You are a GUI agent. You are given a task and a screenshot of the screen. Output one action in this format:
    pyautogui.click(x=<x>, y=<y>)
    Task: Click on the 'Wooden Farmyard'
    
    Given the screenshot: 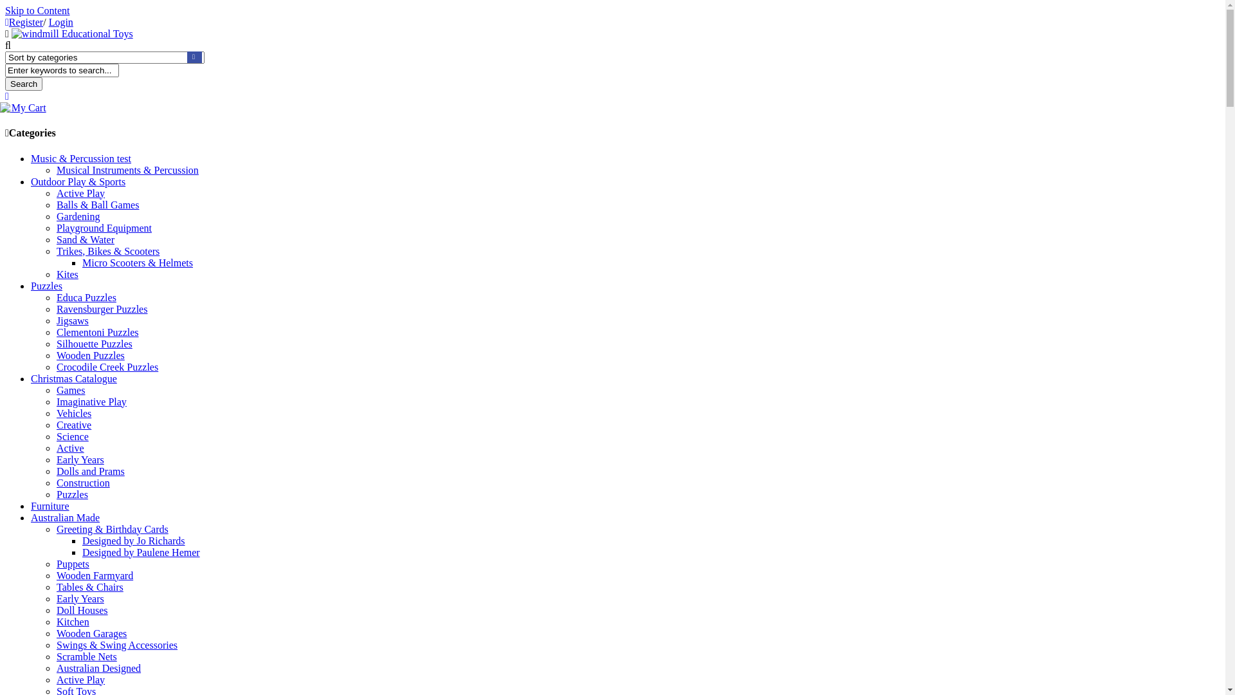 What is the action you would take?
    pyautogui.click(x=94, y=575)
    